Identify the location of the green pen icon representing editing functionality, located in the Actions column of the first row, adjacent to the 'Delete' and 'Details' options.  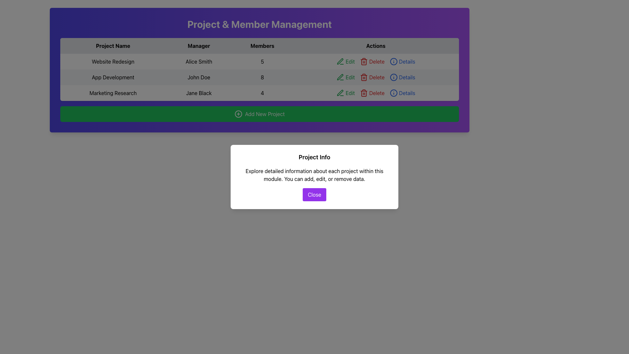
(340, 62).